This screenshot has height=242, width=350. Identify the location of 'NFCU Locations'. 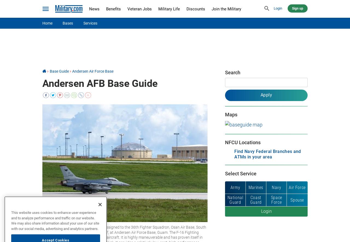
(242, 142).